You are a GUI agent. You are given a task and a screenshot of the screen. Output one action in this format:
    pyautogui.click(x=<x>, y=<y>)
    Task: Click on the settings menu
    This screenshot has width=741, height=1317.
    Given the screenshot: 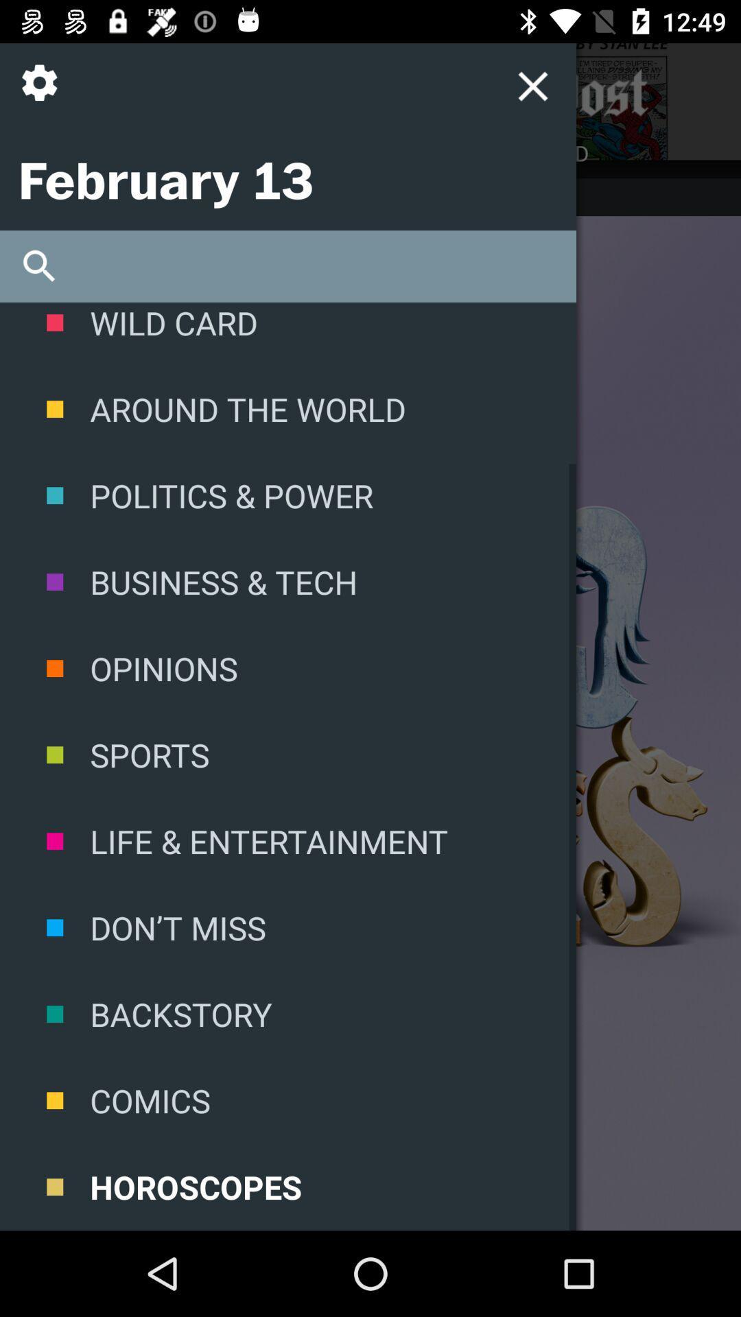 What is the action you would take?
    pyautogui.click(x=532, y=85)
    